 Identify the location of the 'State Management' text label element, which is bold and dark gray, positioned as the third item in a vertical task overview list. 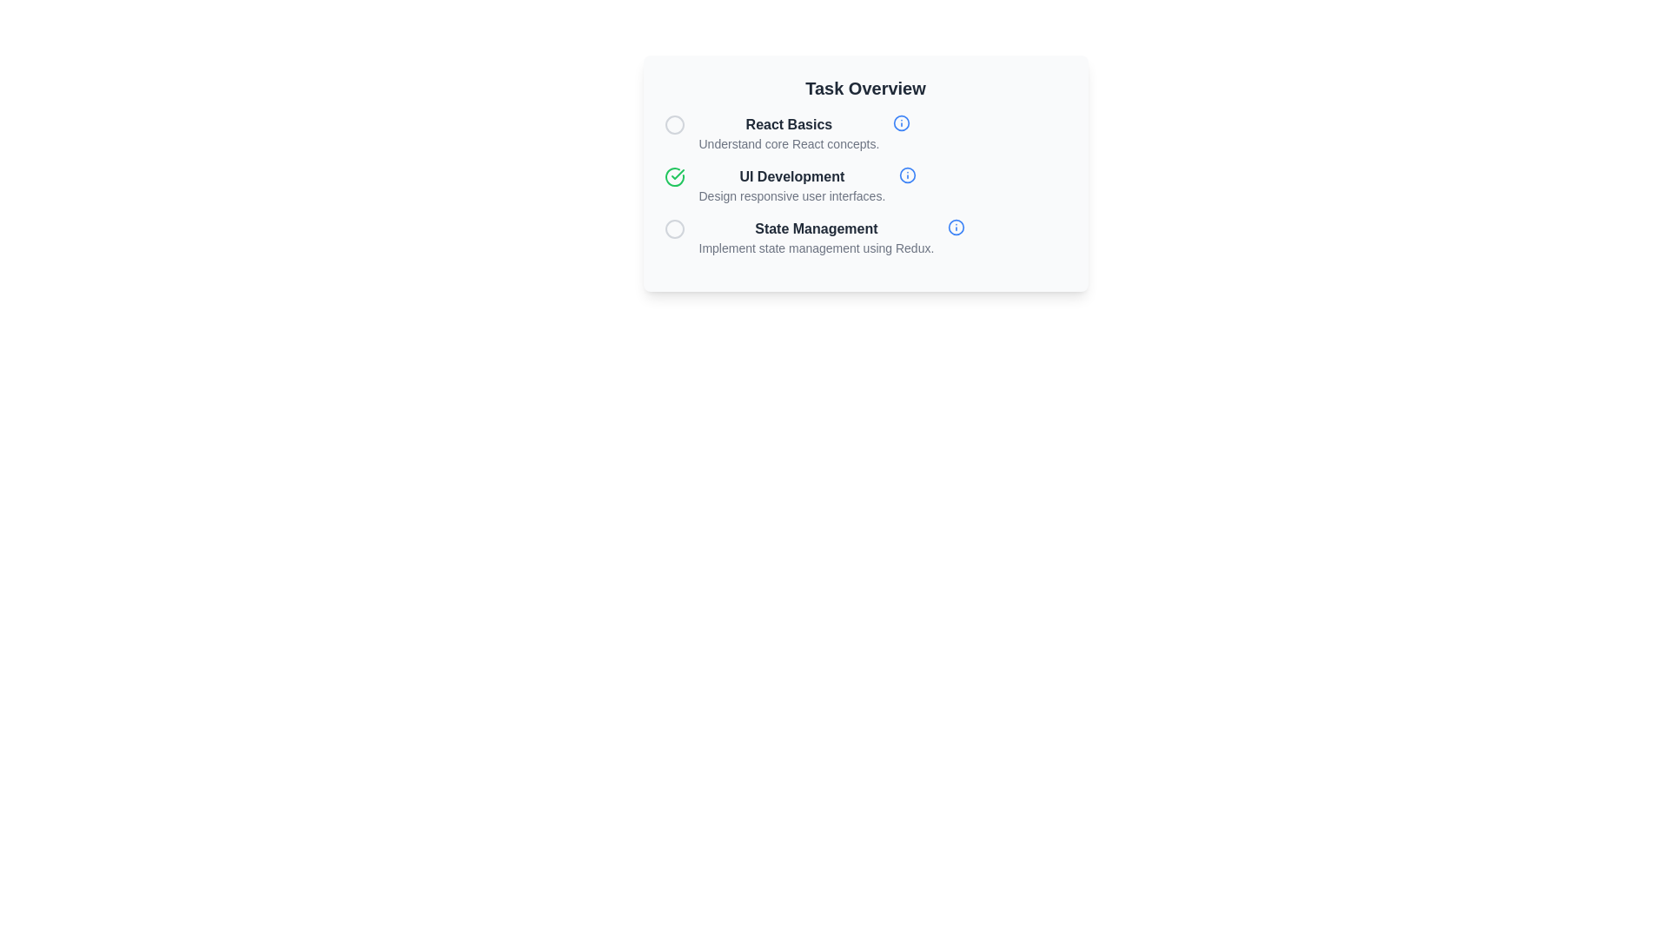
(815, 228).